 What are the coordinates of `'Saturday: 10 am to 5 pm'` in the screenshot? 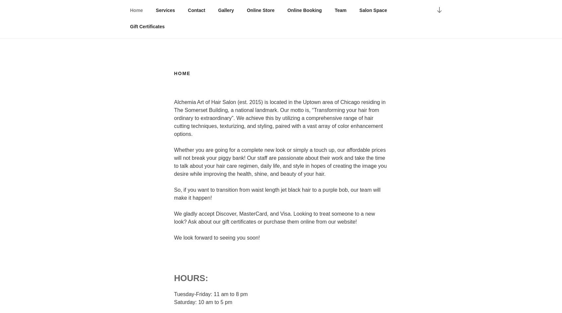 It's located at (174, 302).